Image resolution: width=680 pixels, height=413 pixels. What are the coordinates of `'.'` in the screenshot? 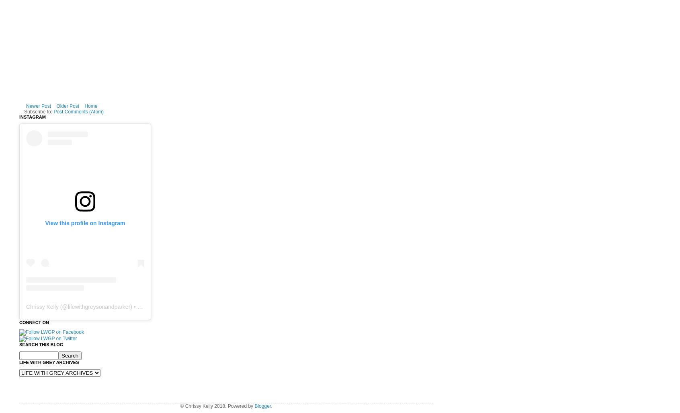 It's located at (271, 405).